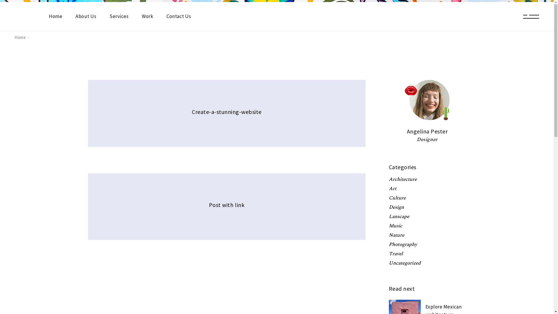 This screenshot has height=314, width=558. What do you see at coordinates (389, 253) in the screenshot?
I see `'Travel'` at bounding box center [389, 253].